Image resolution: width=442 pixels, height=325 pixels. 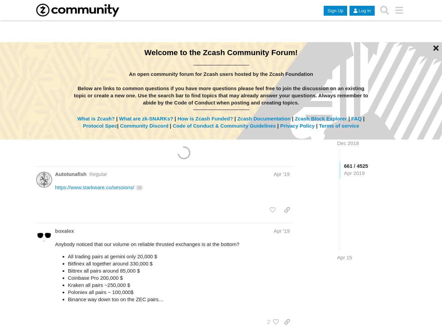 I want to click on 'What is Zcash?', so click(x=96, y=118).